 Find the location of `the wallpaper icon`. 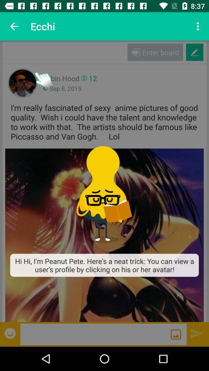

the wallpaper icon is located at coordinates (176, 334).